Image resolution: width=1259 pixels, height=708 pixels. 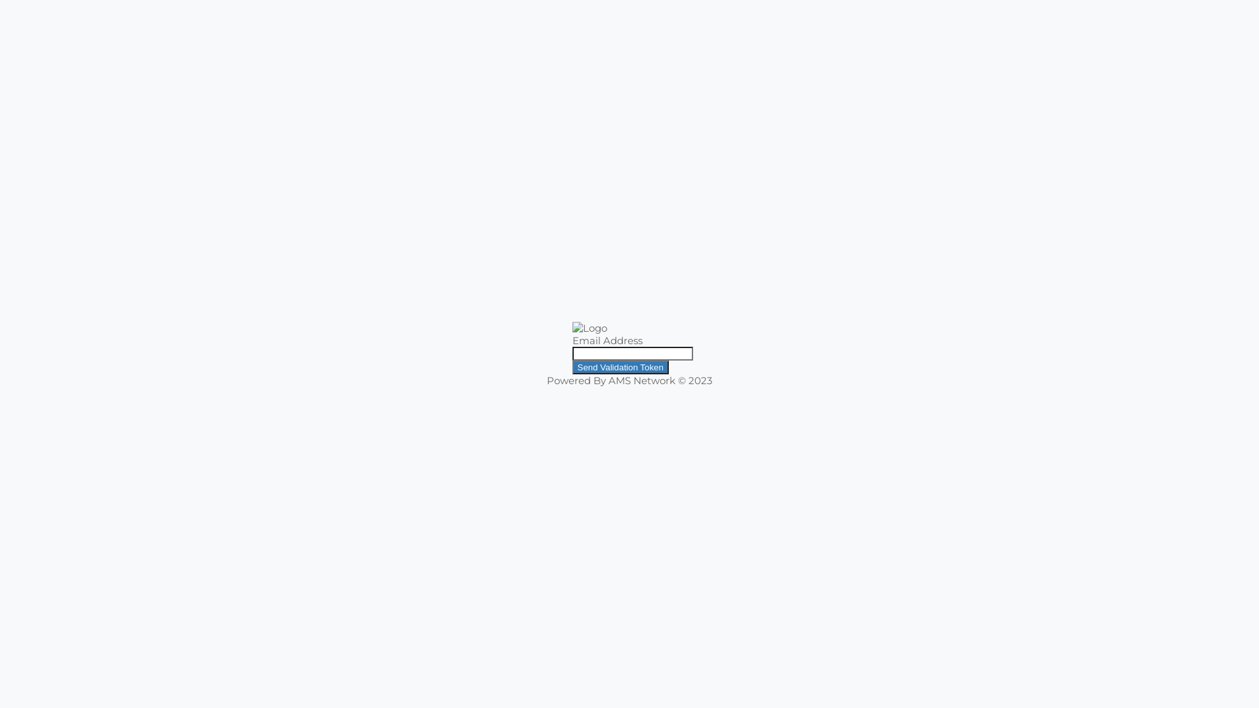 What do you see at coordinates (619, 367) in the screenshot?
I see `'Send Validation Token'` at bounding box center [619, 367].